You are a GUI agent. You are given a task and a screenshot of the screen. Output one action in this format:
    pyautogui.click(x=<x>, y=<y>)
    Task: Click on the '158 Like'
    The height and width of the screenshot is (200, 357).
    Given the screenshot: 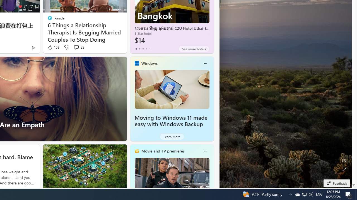 What is the action you would take?
    pyautogui.click(x=53, y=47)
    